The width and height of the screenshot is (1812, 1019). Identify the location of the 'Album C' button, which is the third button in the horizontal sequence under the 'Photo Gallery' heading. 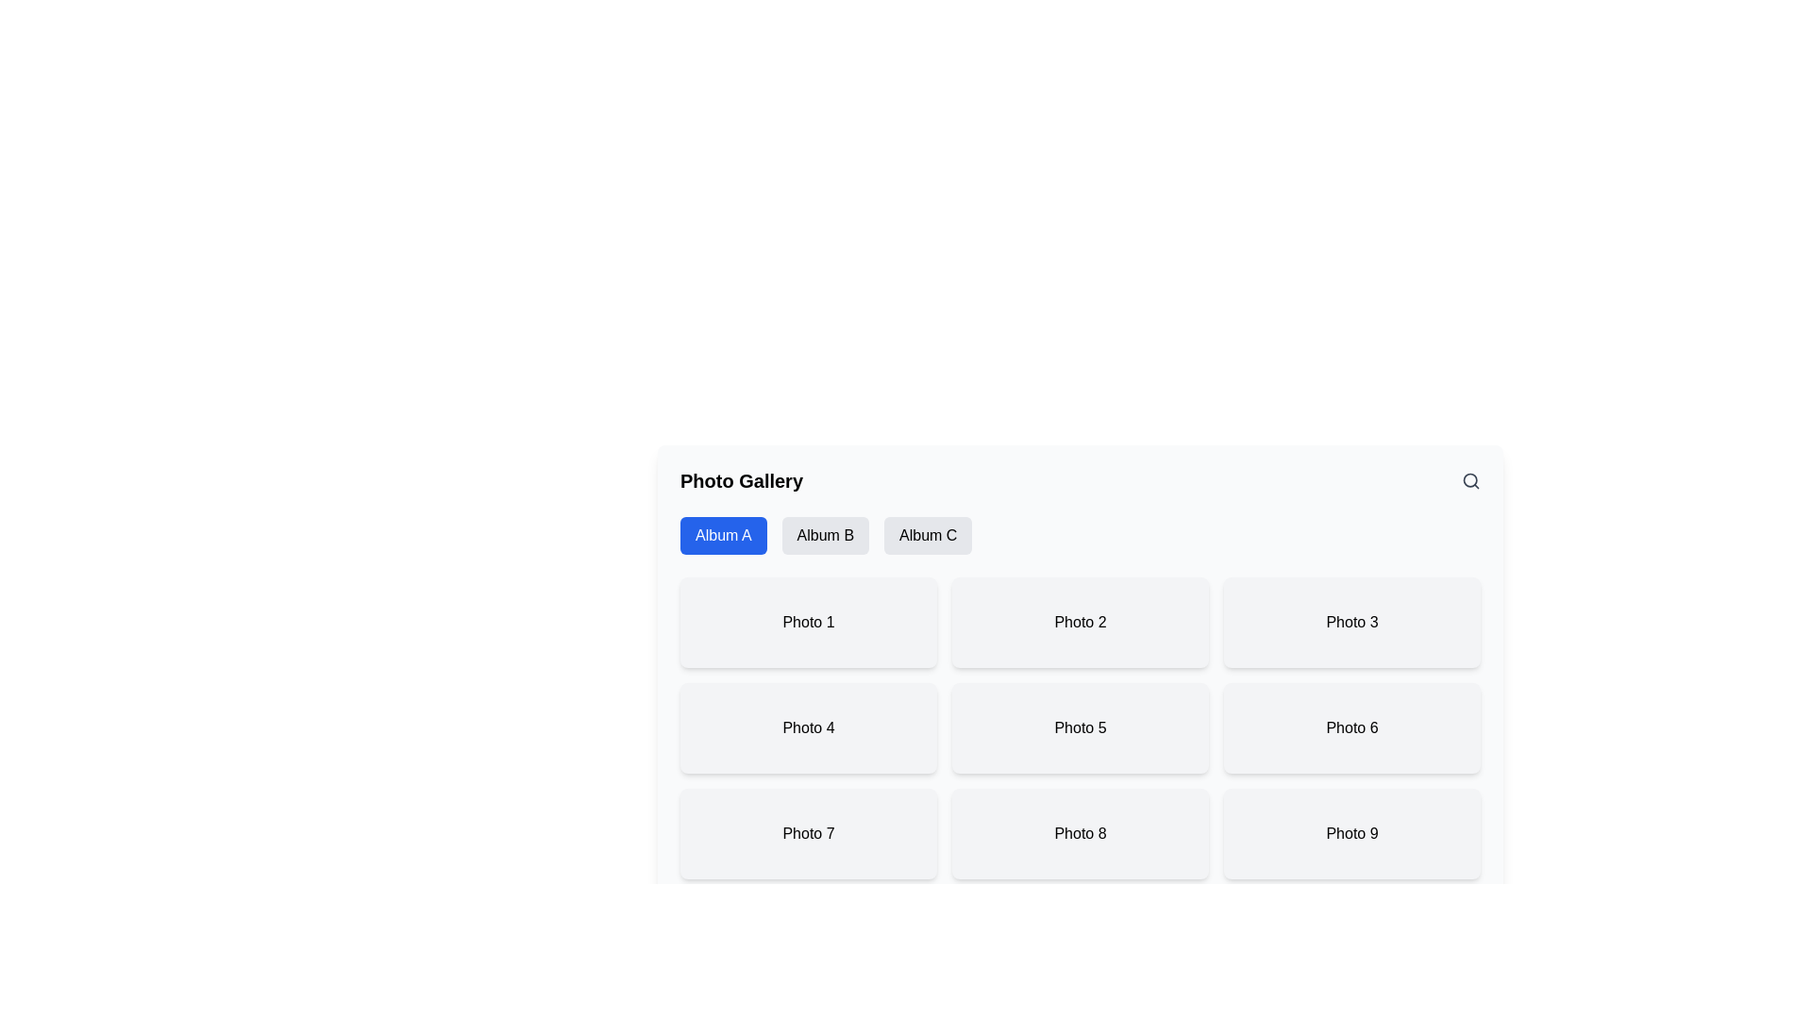
(928, 535).